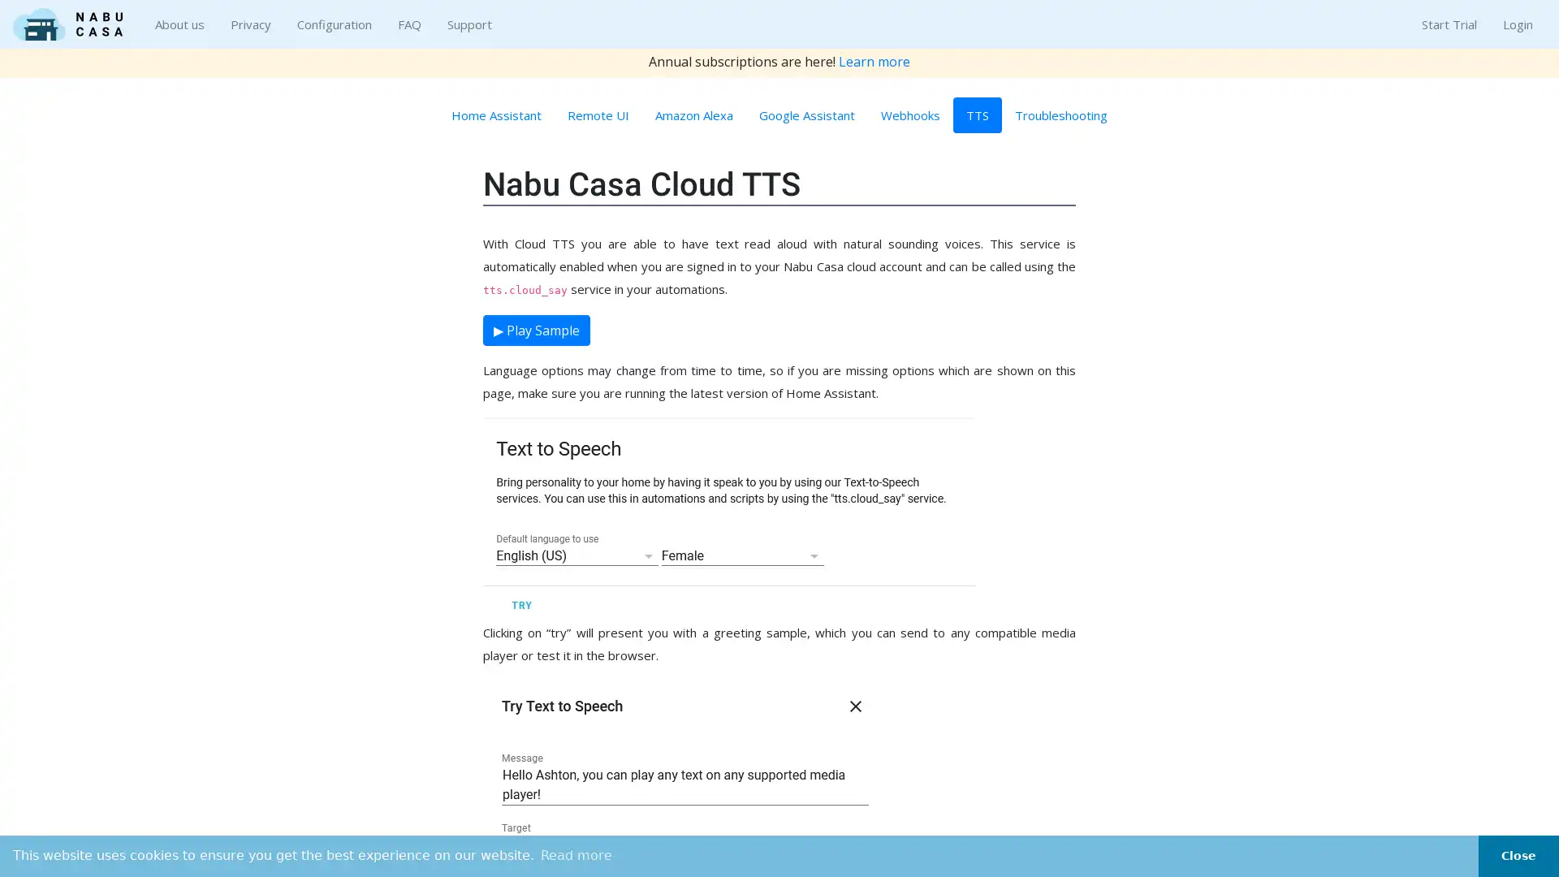 The image size is (1559, 877). I want to click on Play Sample, so click(537, 330).